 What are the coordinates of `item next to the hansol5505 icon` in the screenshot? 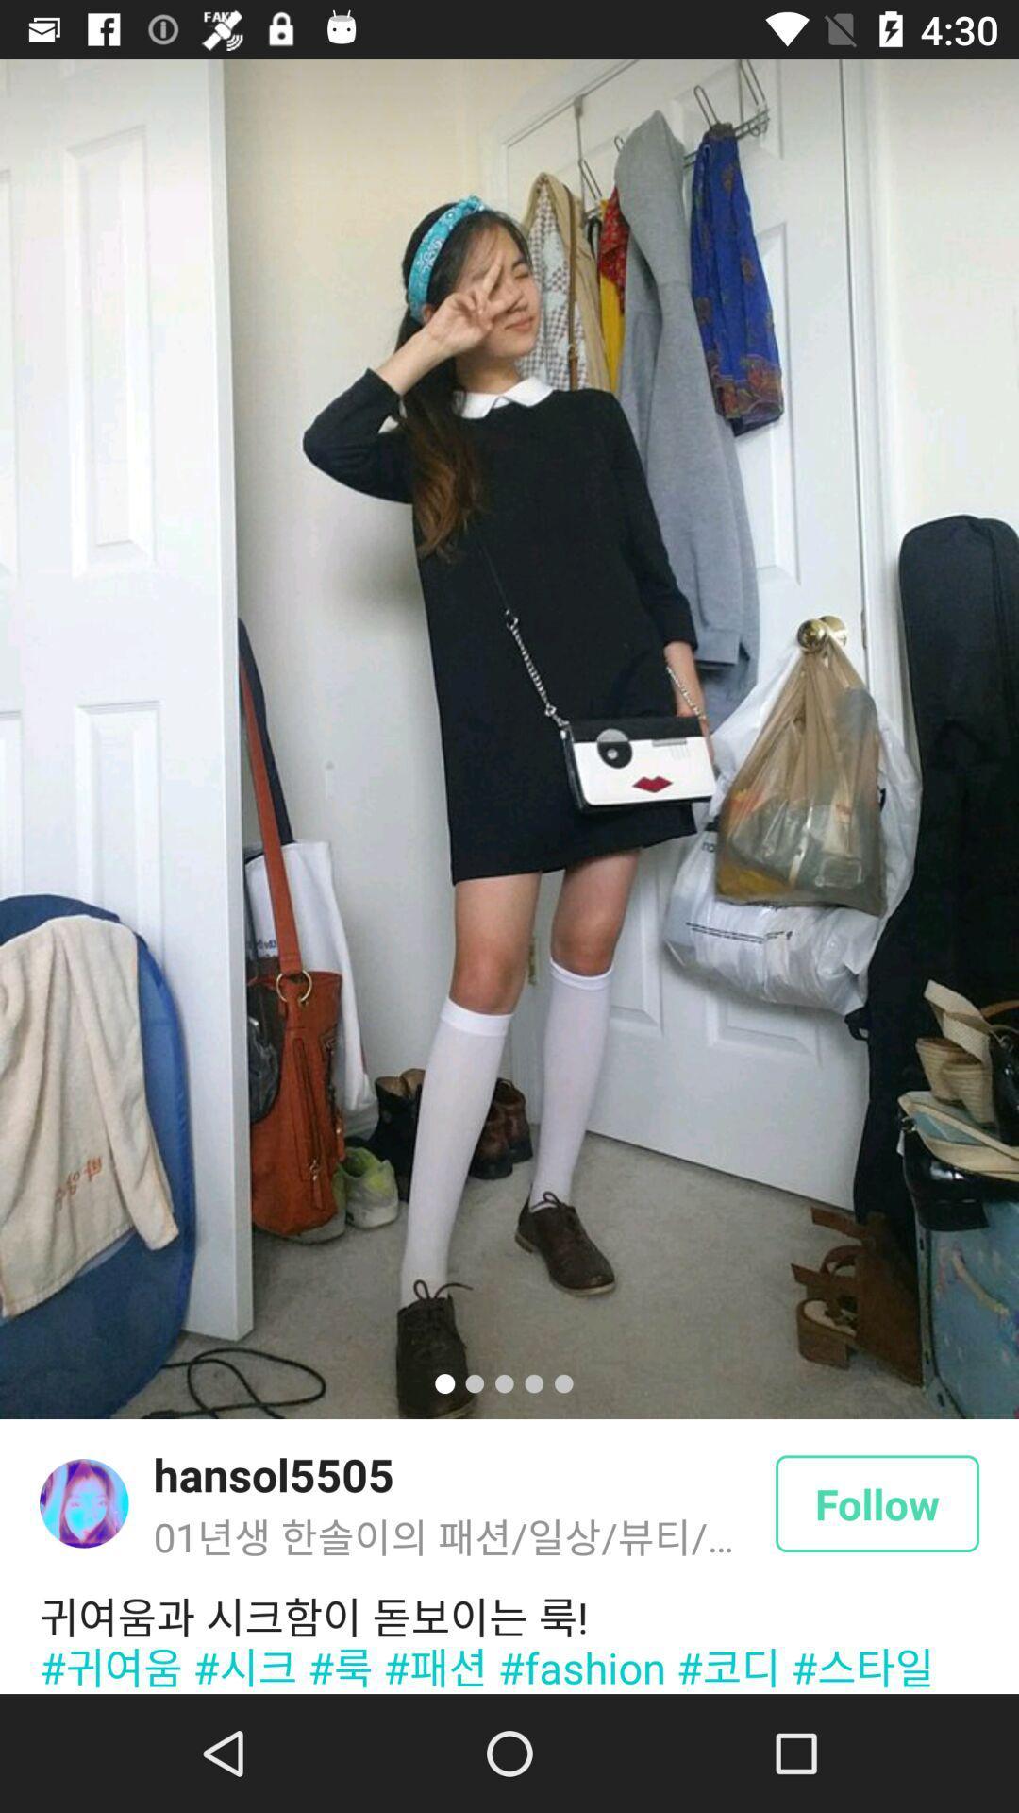 It's located at (83, 1502).